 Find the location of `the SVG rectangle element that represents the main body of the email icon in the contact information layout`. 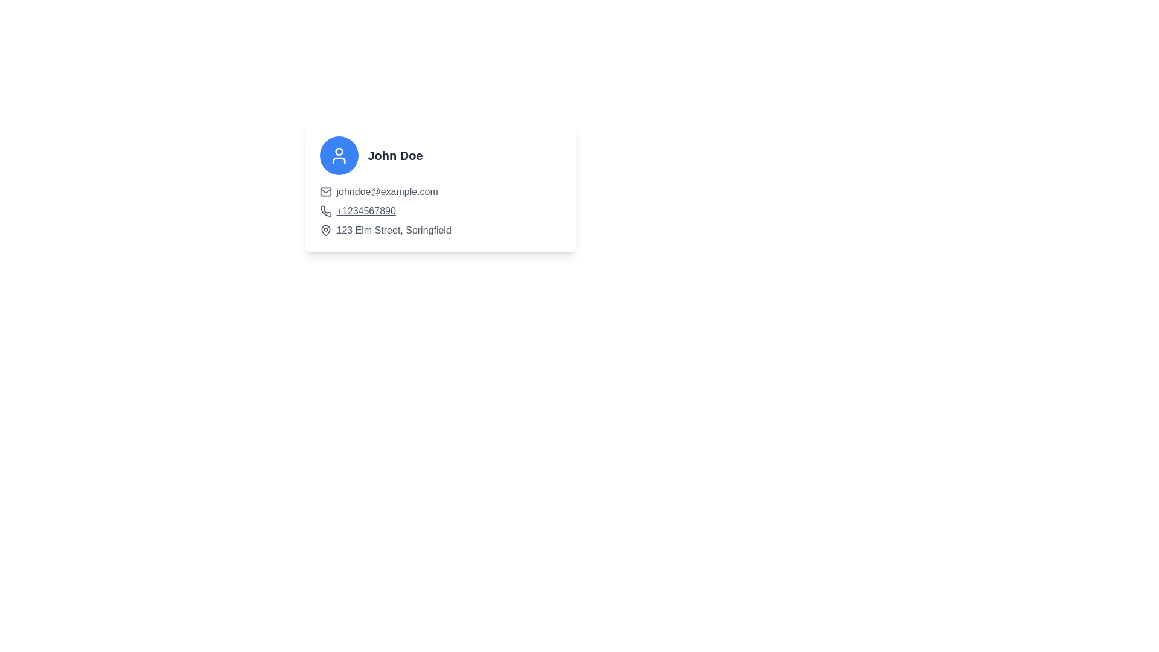

the SVG rectangle element that represents the main body of the email icon in the contact information layout is located at coordinates (325, 191).